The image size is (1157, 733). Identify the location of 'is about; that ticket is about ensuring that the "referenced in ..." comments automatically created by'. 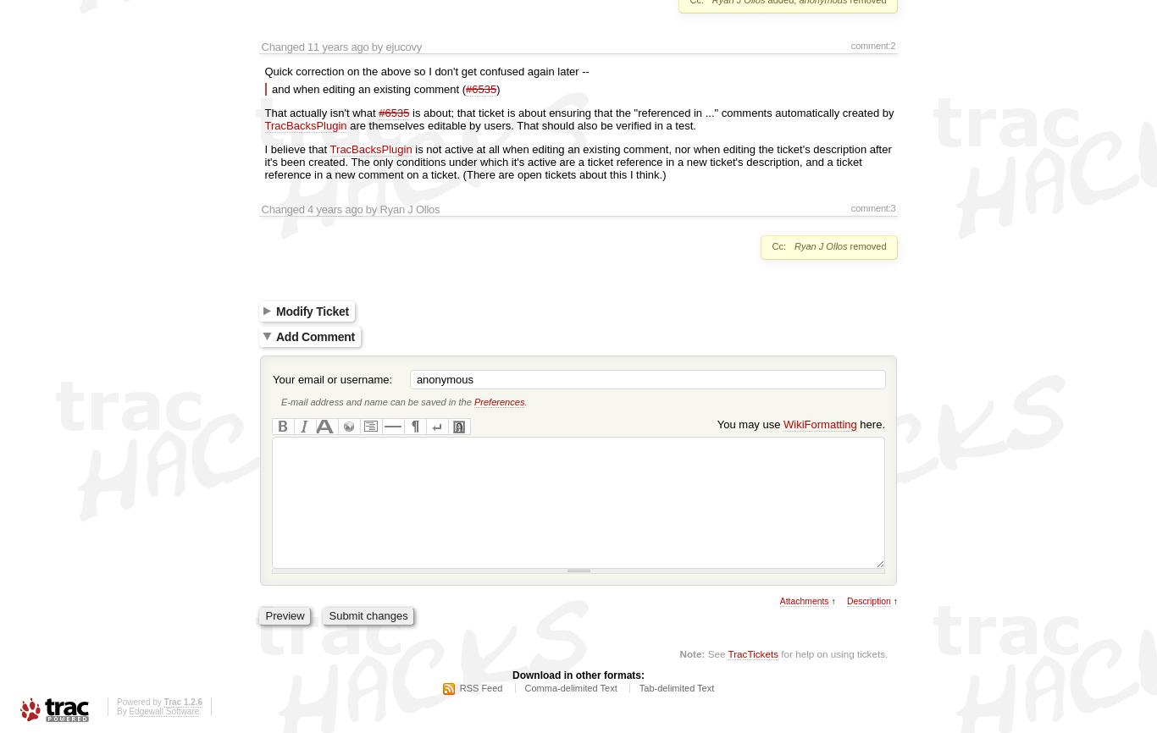
(651, 112).